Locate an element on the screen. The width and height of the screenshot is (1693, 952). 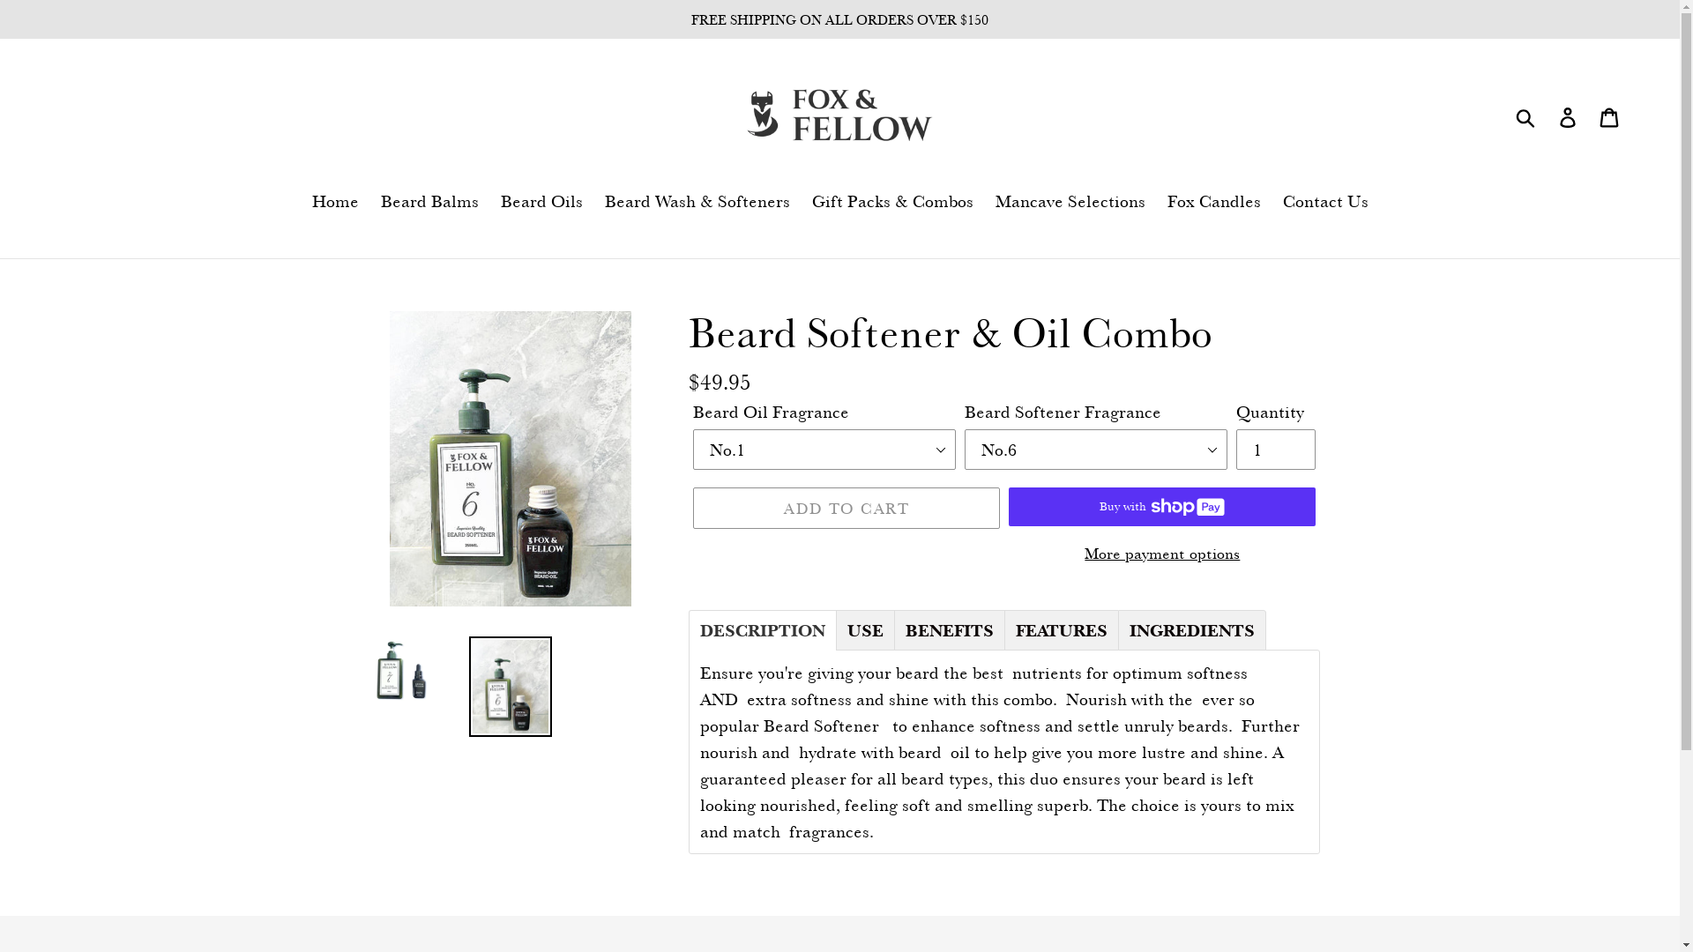
'Beard Balms' is located at coordinates (429, 201).